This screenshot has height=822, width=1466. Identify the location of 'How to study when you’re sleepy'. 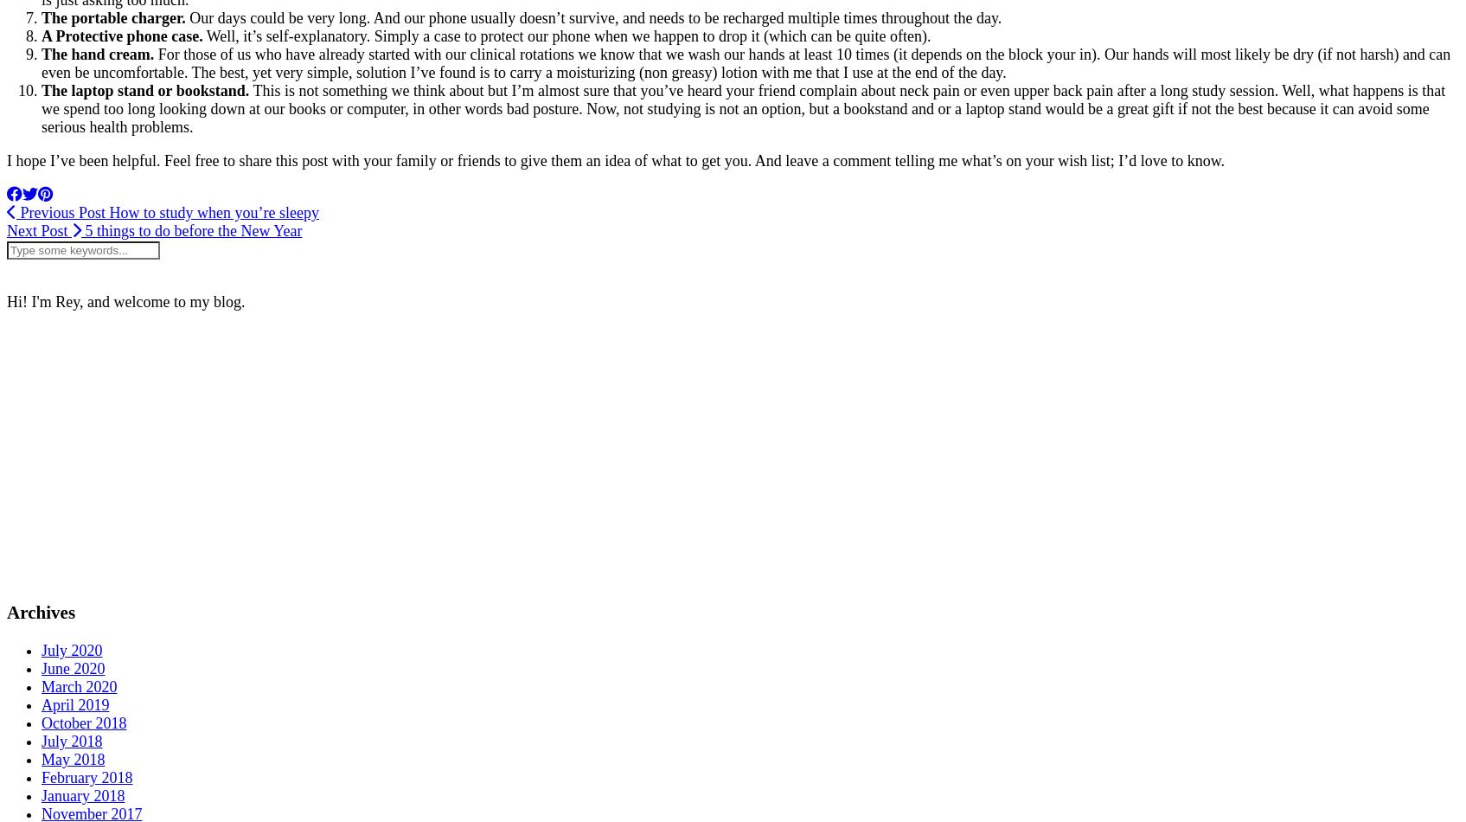
(211, 211).